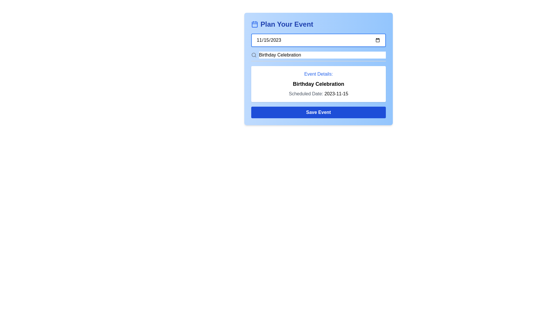 Image resolution: width=557 pixels, height=313 pixels. Describe the element at coordinates (287, 24) in the screenshot. I see `the static text header displaying 'Plan Your Event', which is positioned at the top of the card interface, to the far-right of the calendar icon` at that location.